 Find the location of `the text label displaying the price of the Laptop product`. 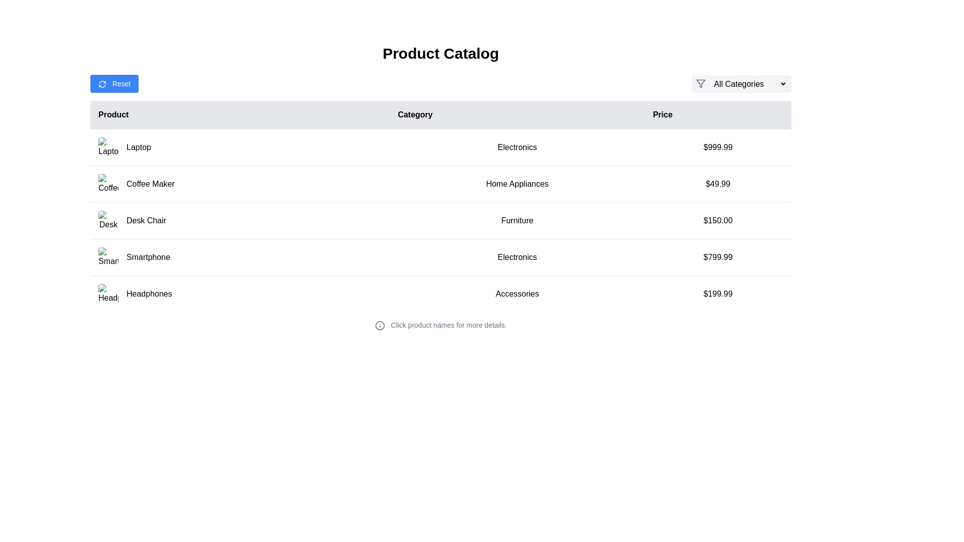

the text label displaying the price of the Laptop product is located at coordinates (717, 147).